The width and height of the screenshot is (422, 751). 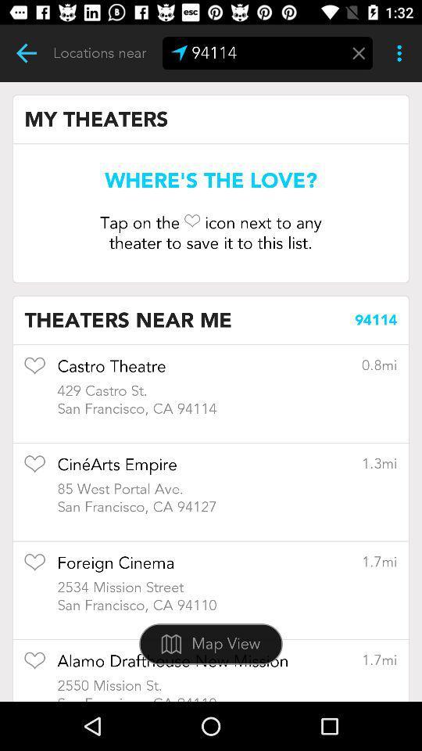 What do you see at coordinates (34, 665) in the screenshot?
I see `like item` at bounding box center [34, 665].